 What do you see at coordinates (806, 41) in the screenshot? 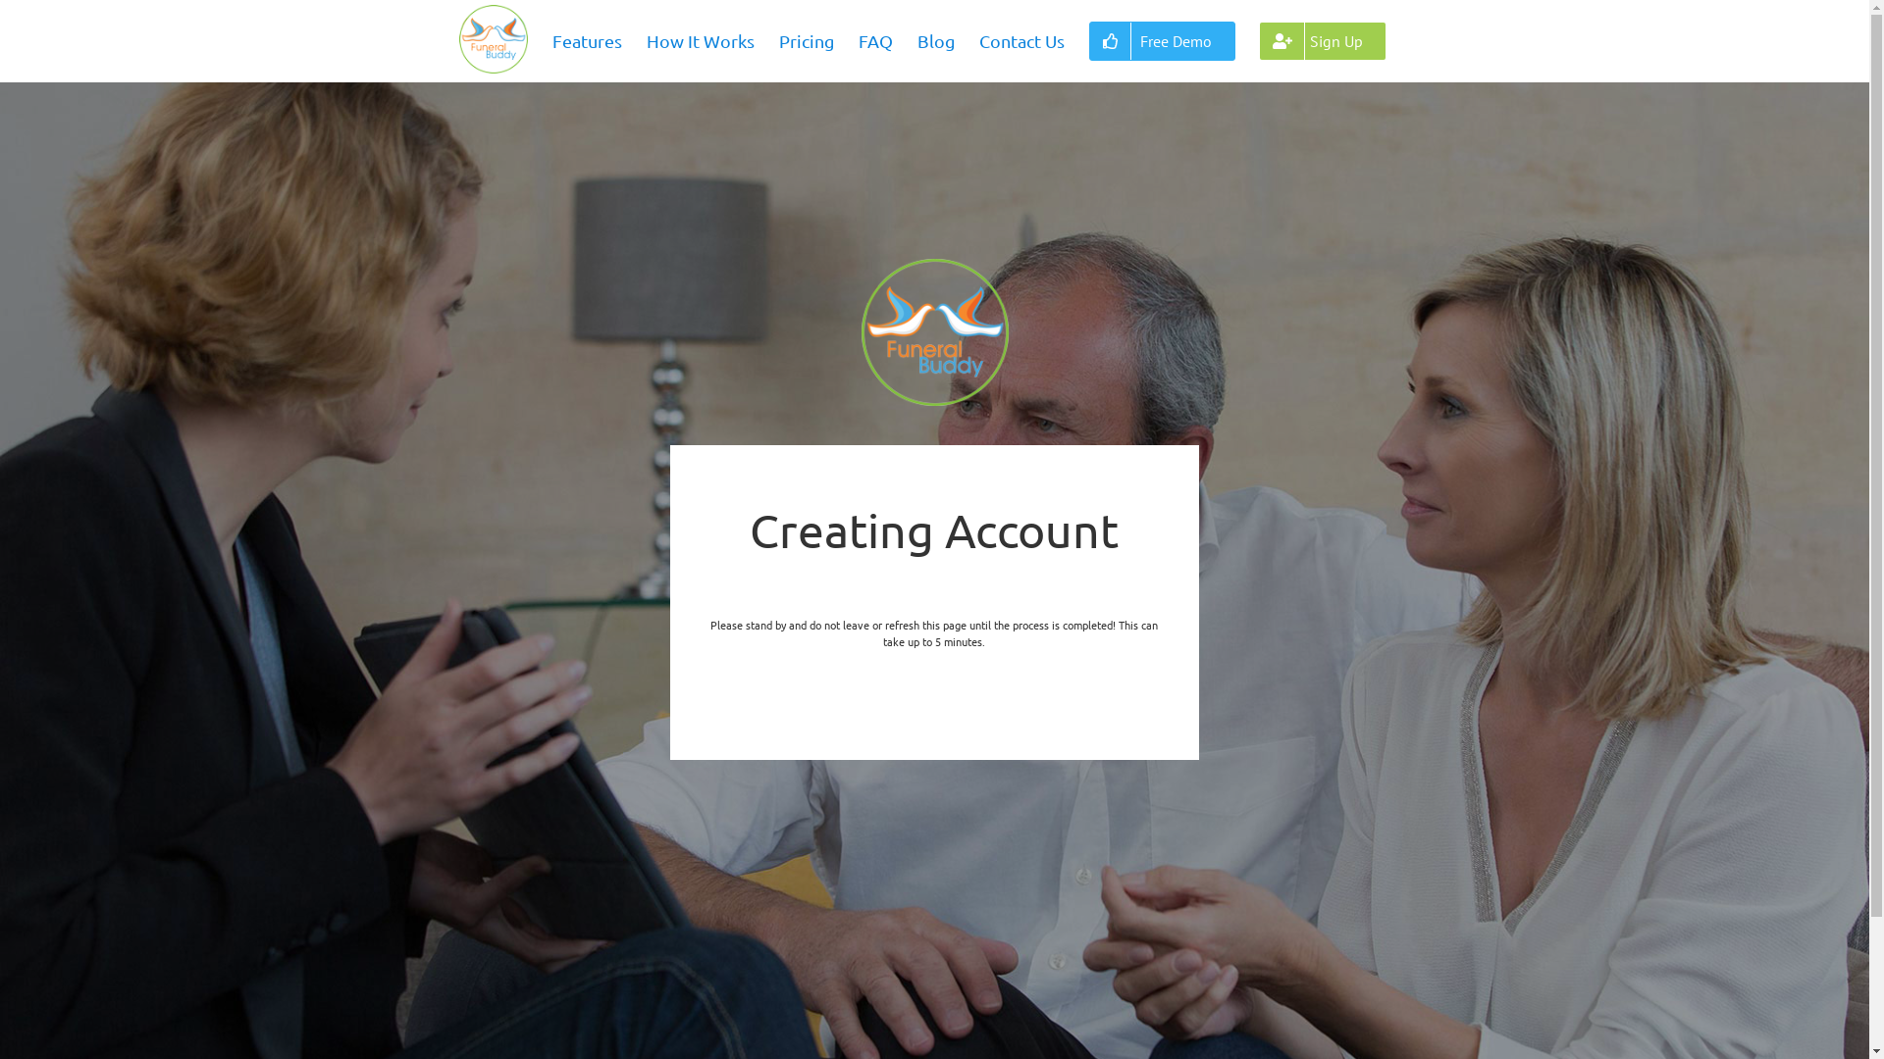
I see `'Pricing'` at bounding box center [806, 41].